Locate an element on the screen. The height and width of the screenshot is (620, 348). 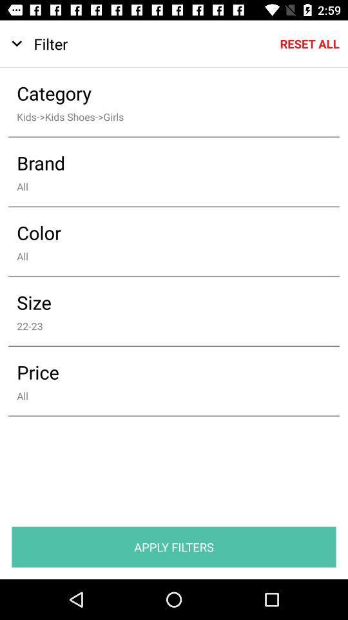
icon above the kids kids shoes is located at coordinates (165, 92).